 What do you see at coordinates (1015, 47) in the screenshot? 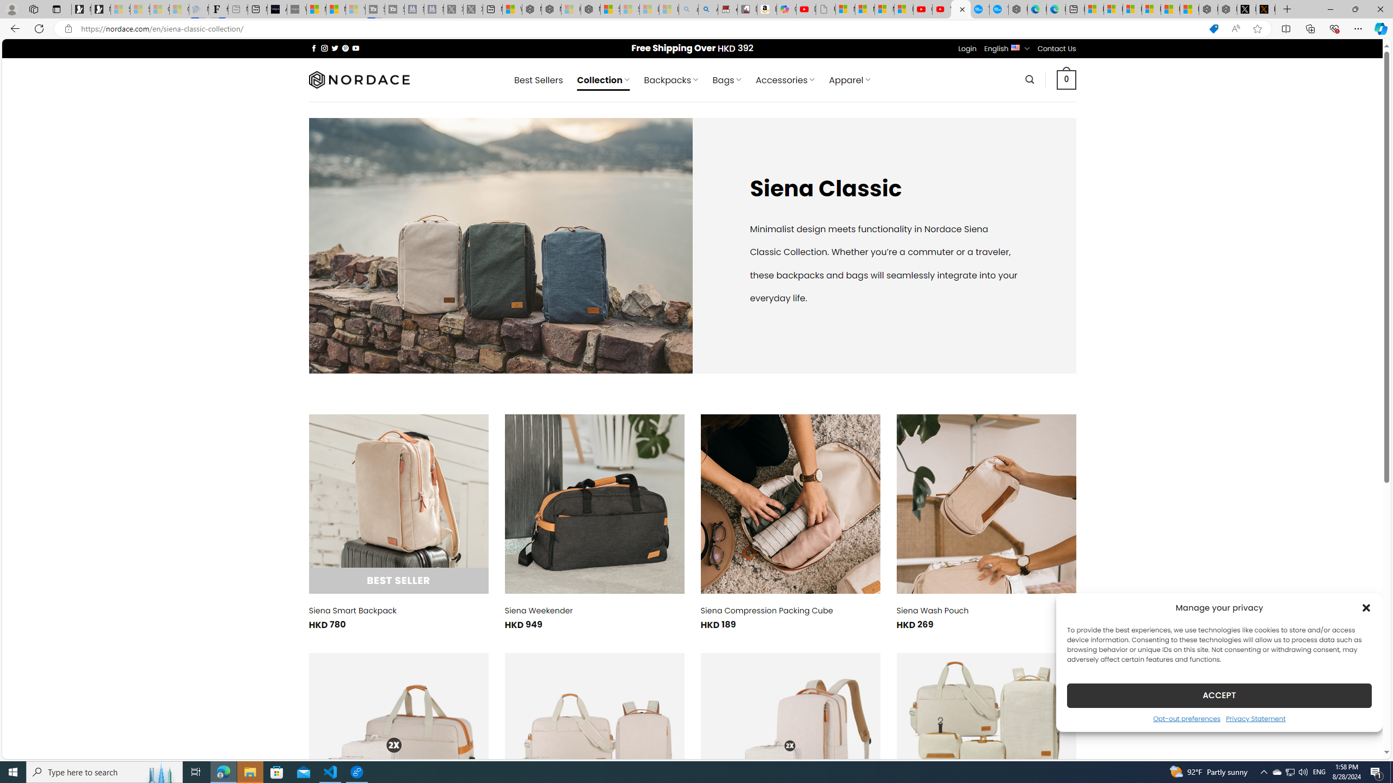
I see `'English'` at bounding box center [1015, 47].